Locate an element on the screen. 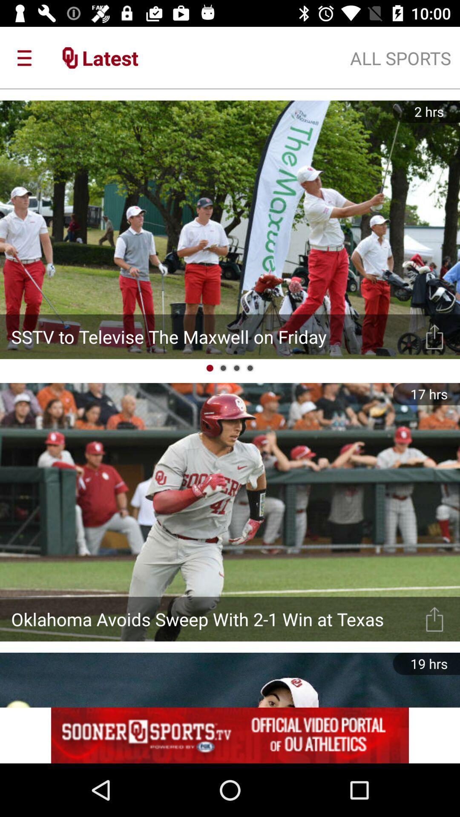  the button right next to sstv to televise the maxwell on friday is located at coordinates (434, 336).